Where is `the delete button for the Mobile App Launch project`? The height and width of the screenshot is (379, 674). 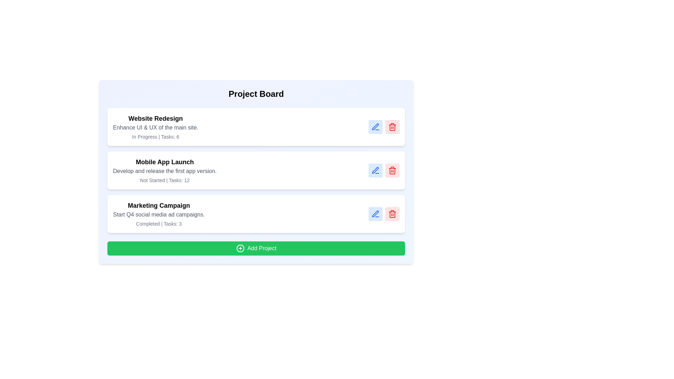 the delete button for the Mobile App Launch project is located at coordinates (392, 171).